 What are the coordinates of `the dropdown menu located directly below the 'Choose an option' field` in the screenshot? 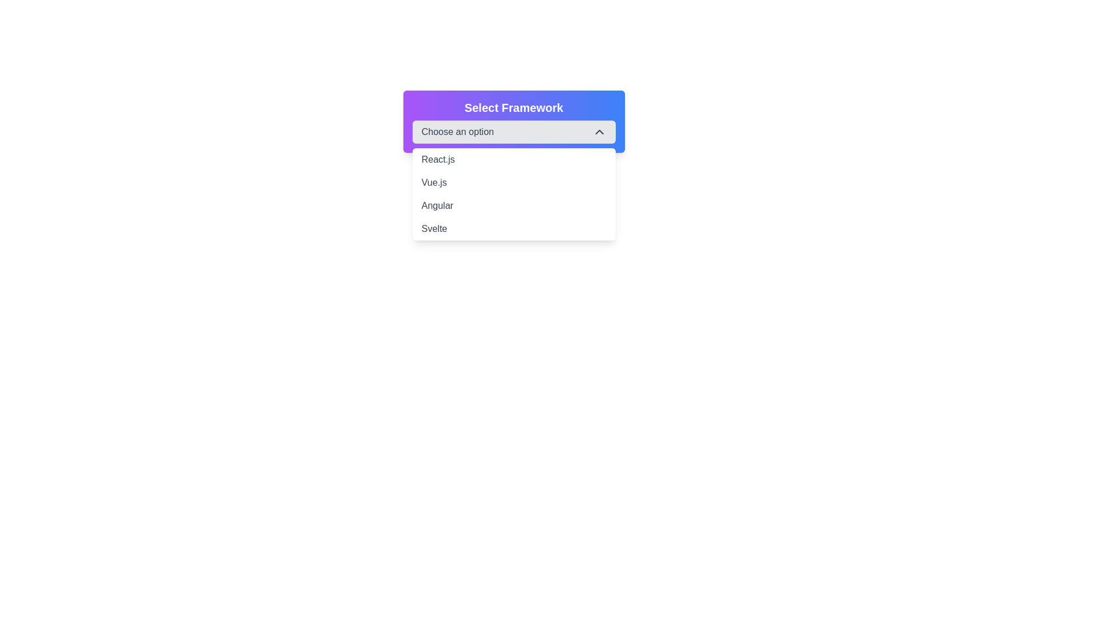 It's located at (513, 193).